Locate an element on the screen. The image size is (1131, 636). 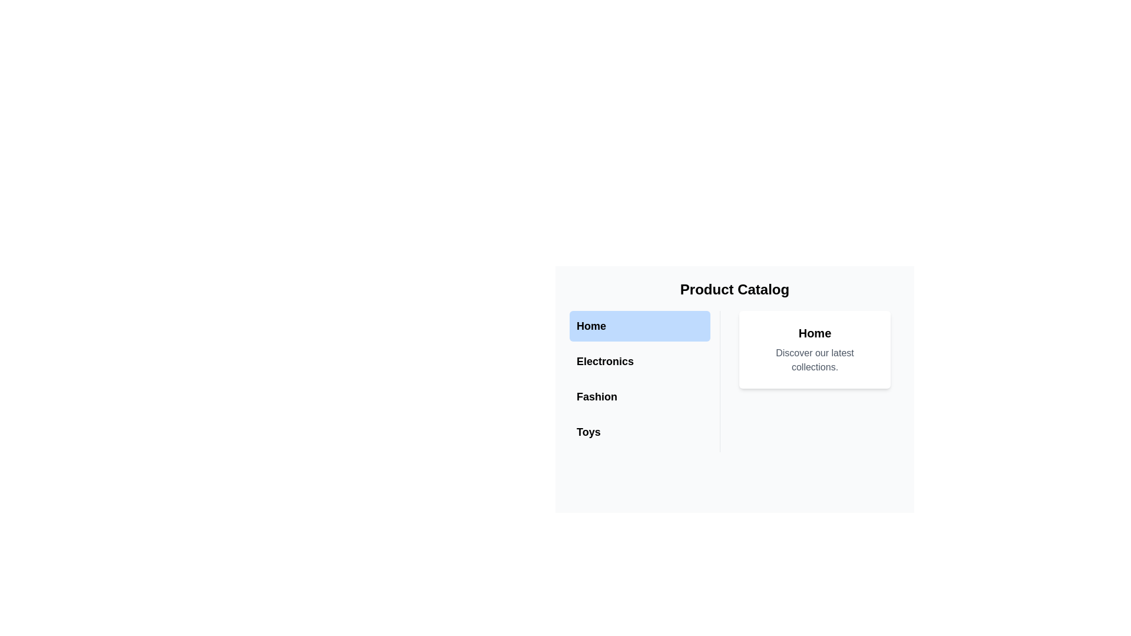
the 'Toys' button, which is the last button in a vertical list of clickable buttons on the left sidebar is located at coordinates (639, 432).